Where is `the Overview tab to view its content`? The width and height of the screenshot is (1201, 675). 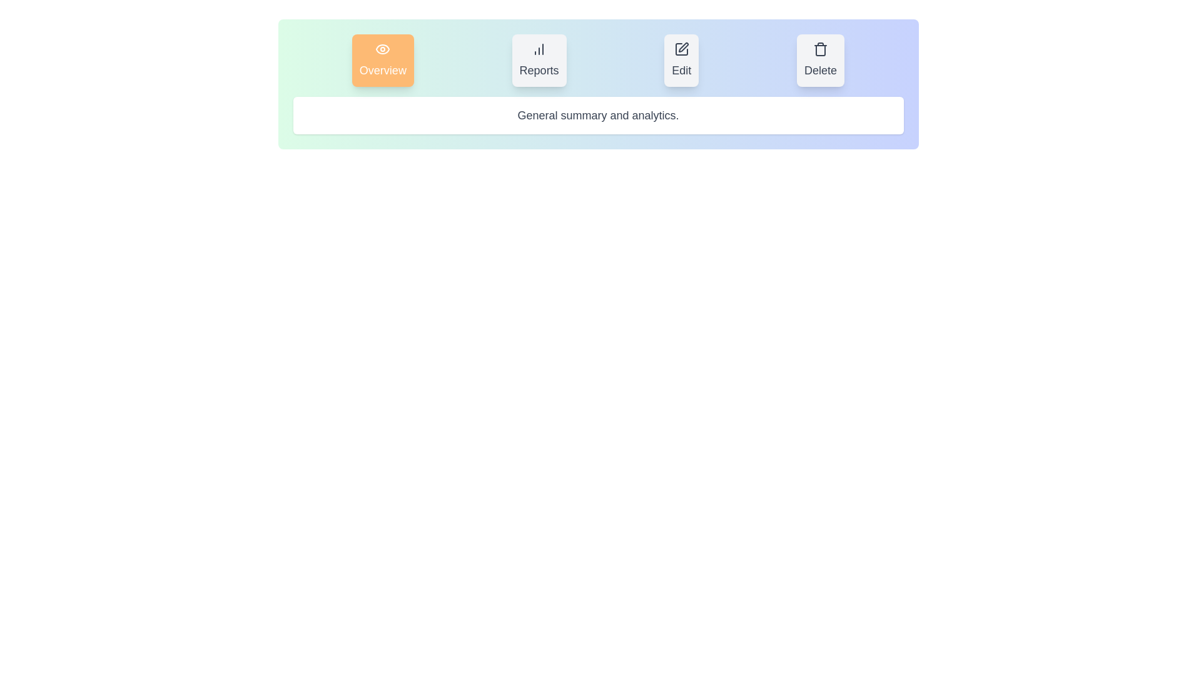
the Overview tab to view its content is located at coordinates (382, 60).